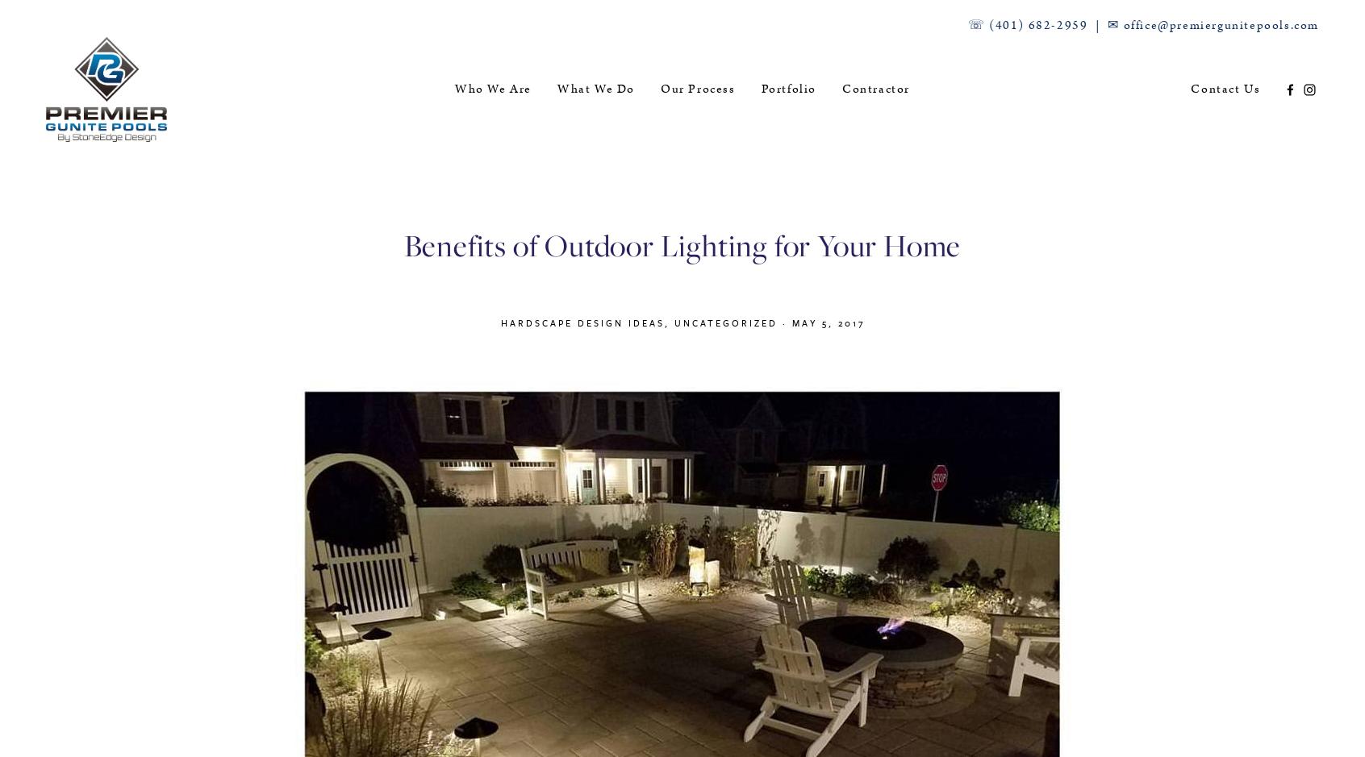 The image size is (1365, 757). Describe the element at coordinates (669, 322) in the screenshot. I see `','` at that location.